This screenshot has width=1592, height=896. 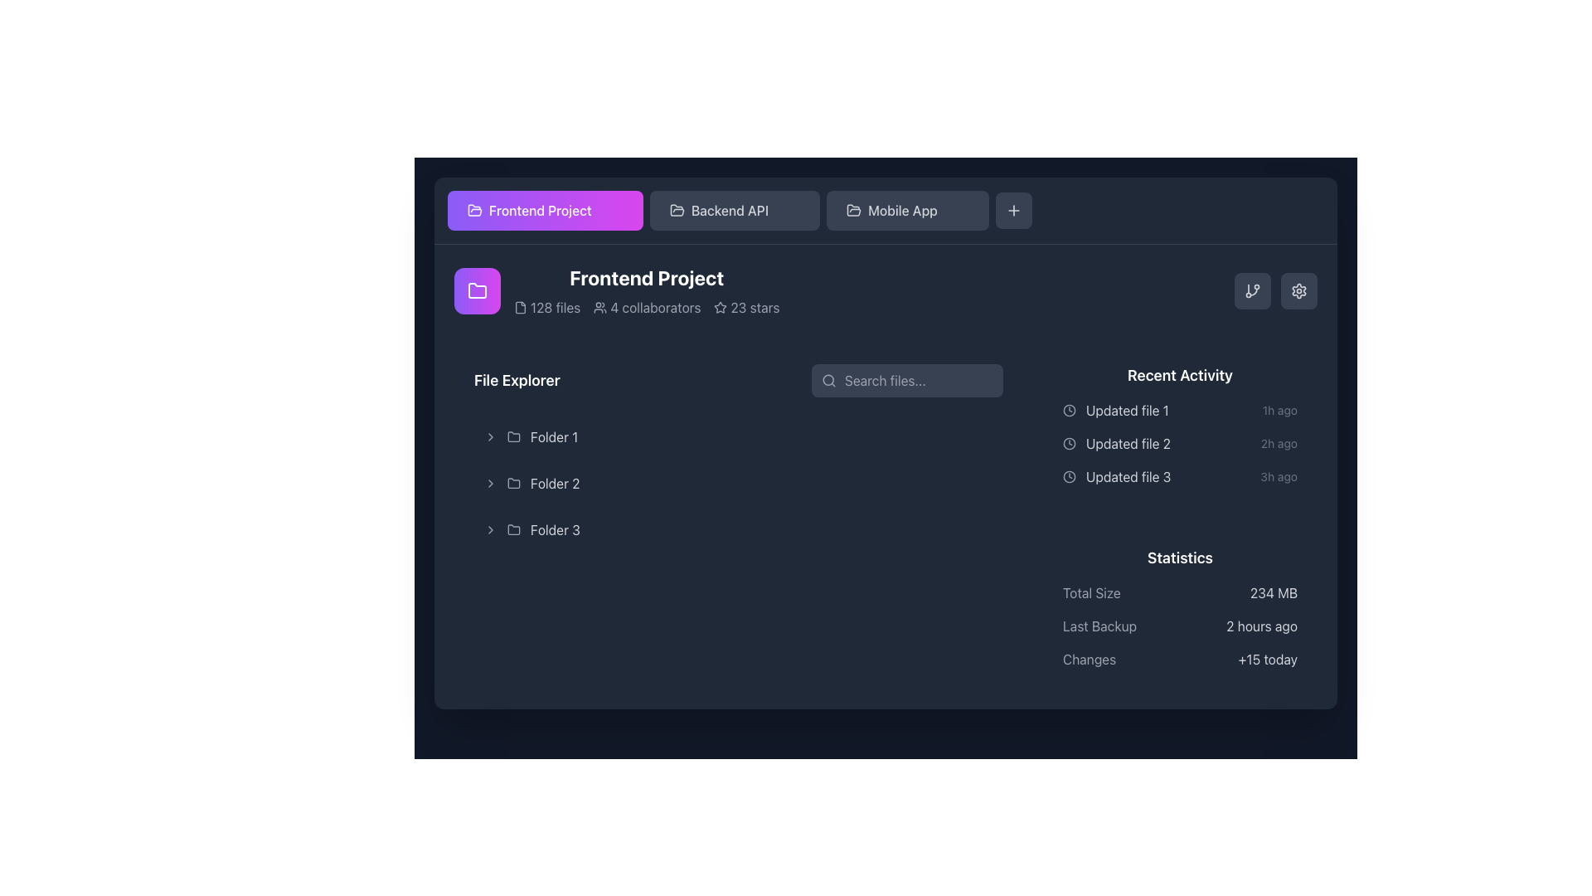 I want to click on the folder icon, so click(x=512, y=530).